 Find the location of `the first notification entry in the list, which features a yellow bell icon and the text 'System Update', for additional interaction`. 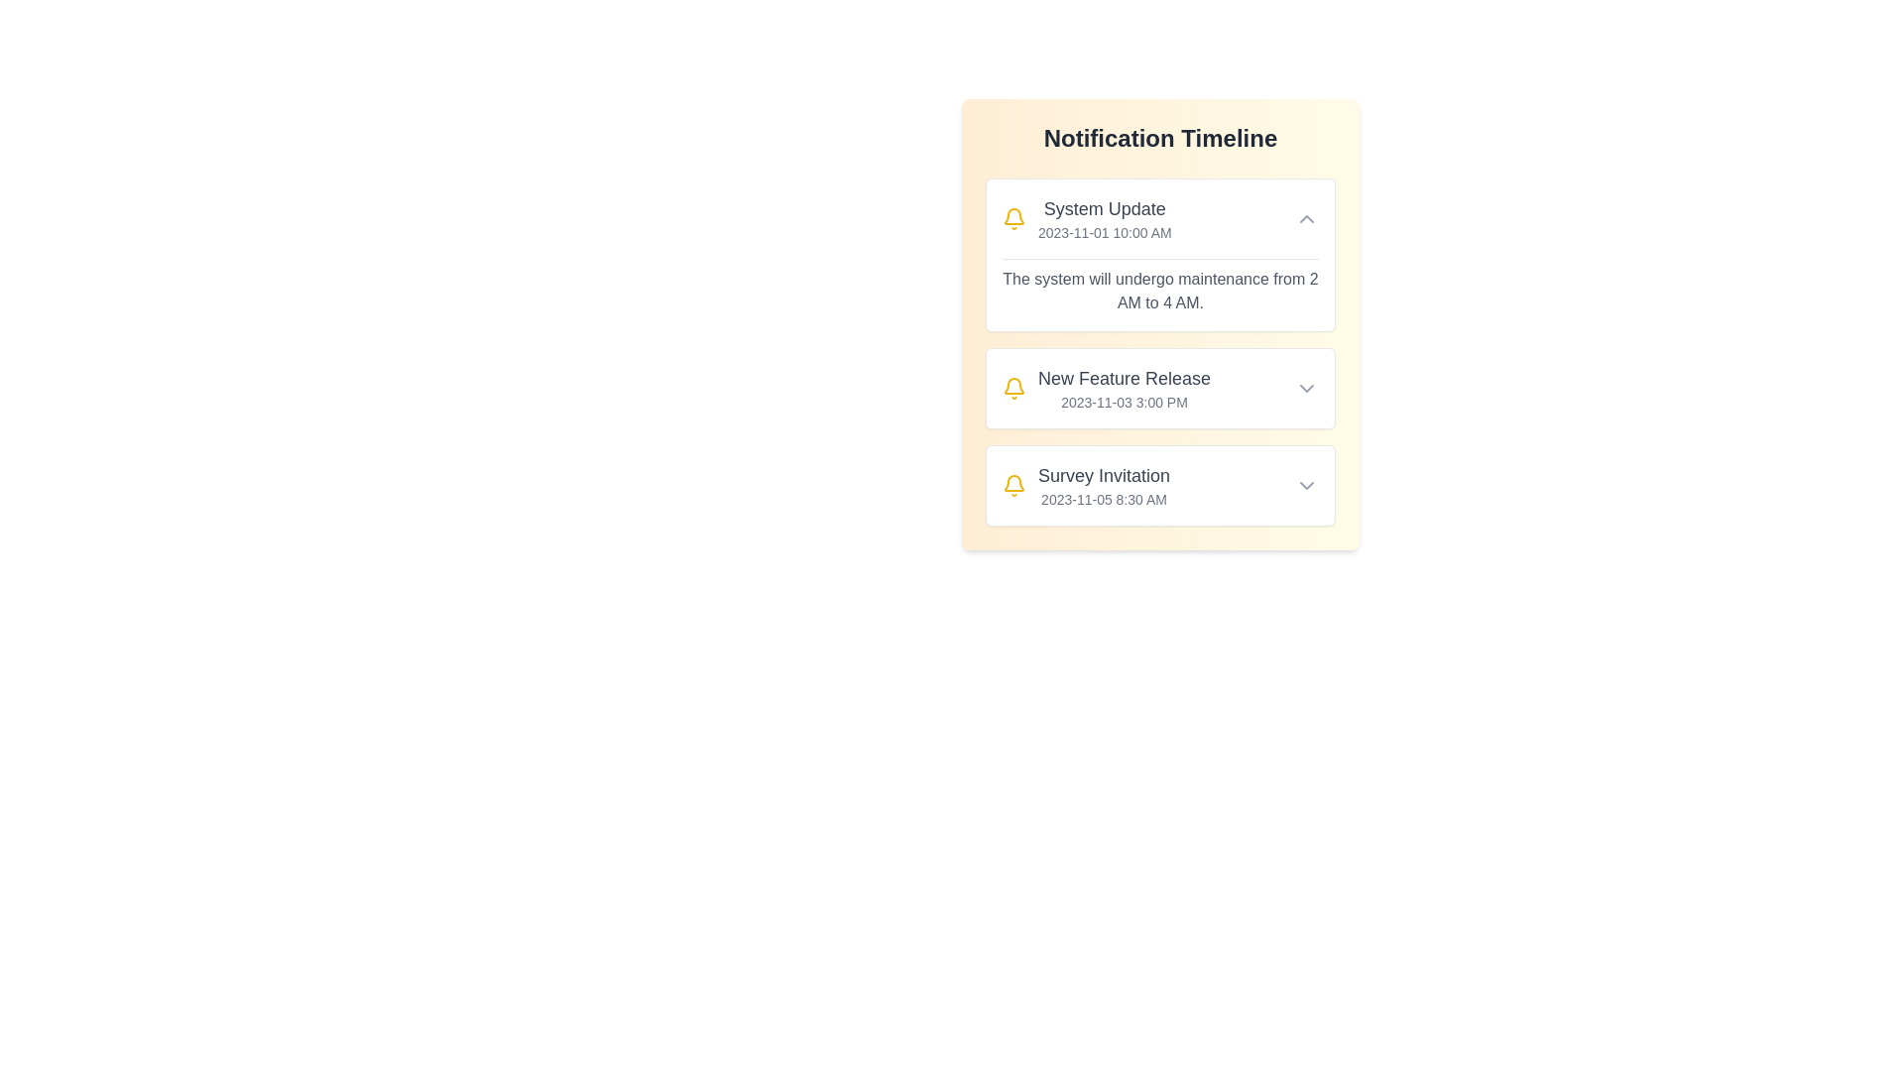

the first notification entry in the list, which features a yellow bell icon and the text 'System Update', for additional interaction is located at coordinates (1160, 218).